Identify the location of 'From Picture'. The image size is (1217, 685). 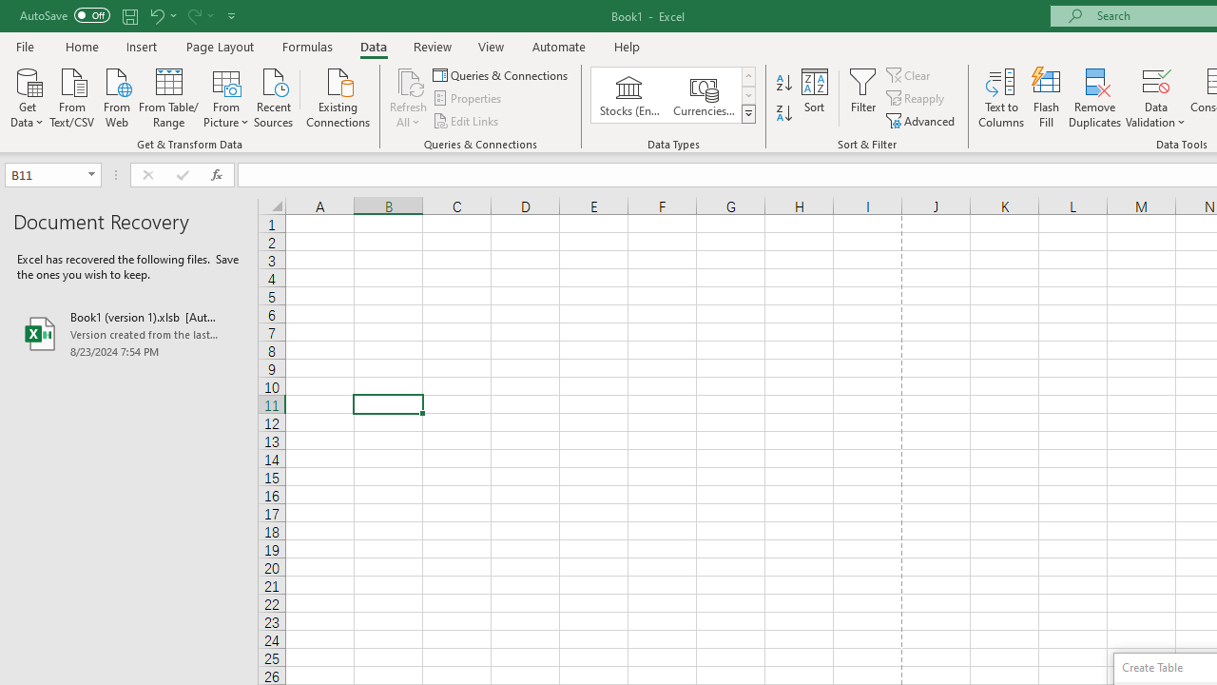
(226, 96).